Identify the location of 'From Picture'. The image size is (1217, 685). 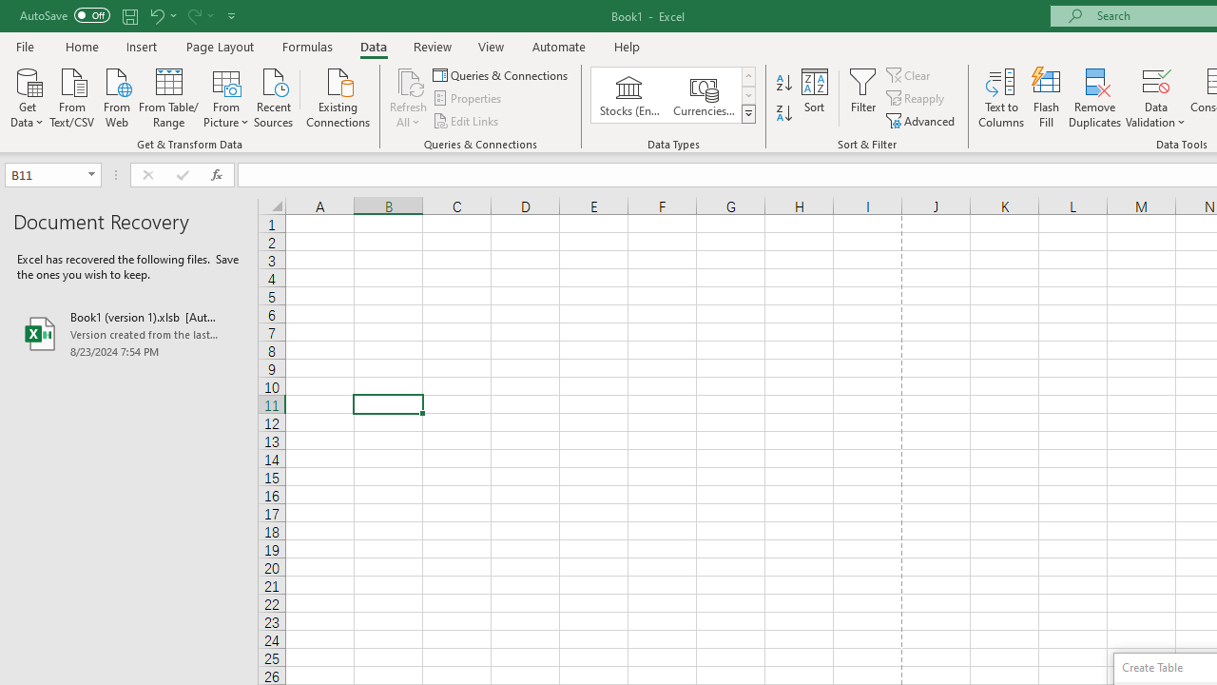
(226, 96).